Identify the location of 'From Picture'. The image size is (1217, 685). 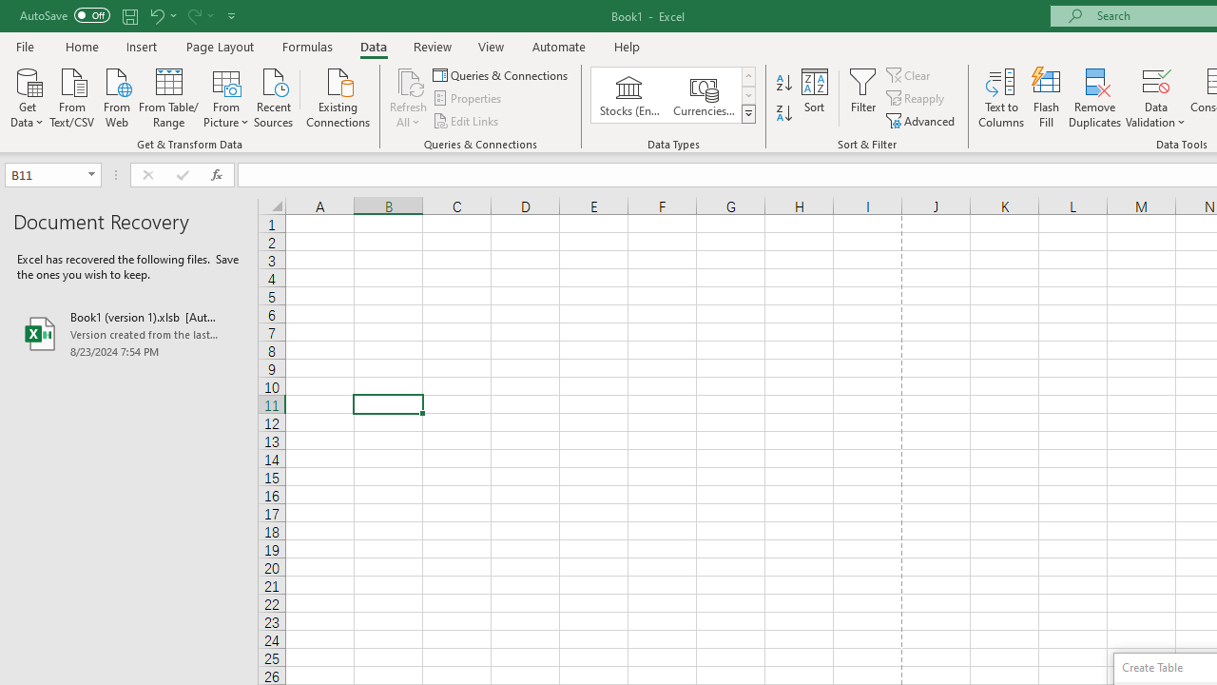
(226, 96).